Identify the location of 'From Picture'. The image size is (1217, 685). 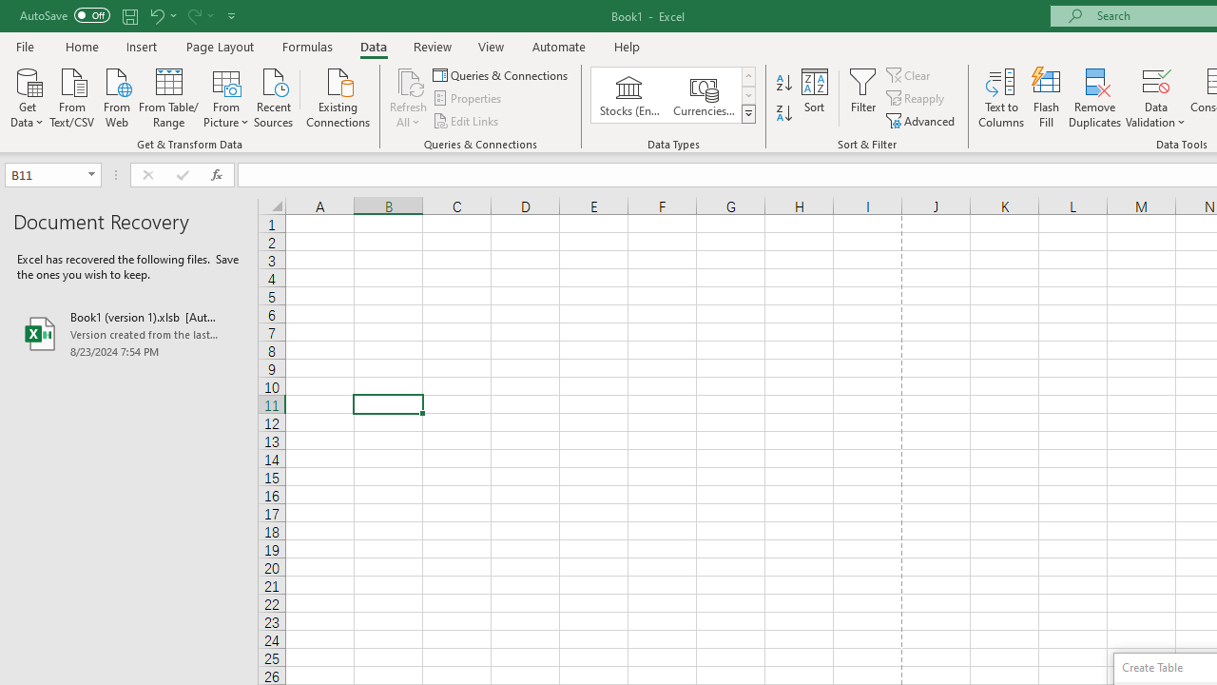
(226, 96).